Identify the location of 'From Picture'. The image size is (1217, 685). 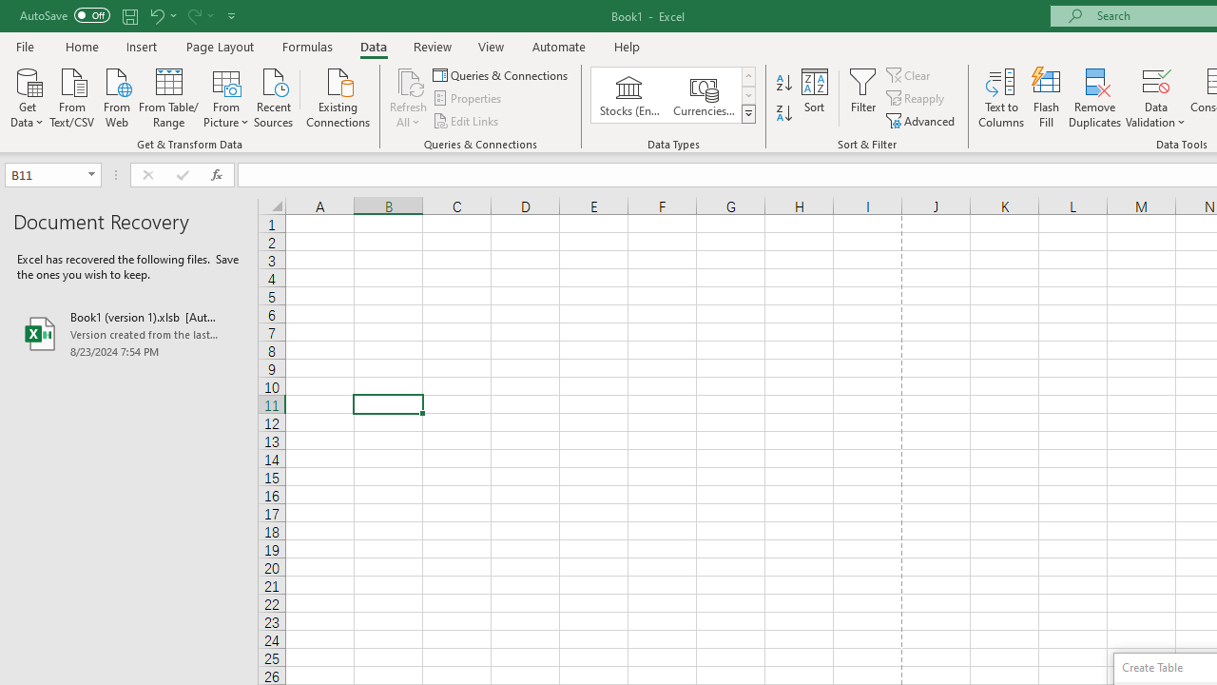
(226, 96).